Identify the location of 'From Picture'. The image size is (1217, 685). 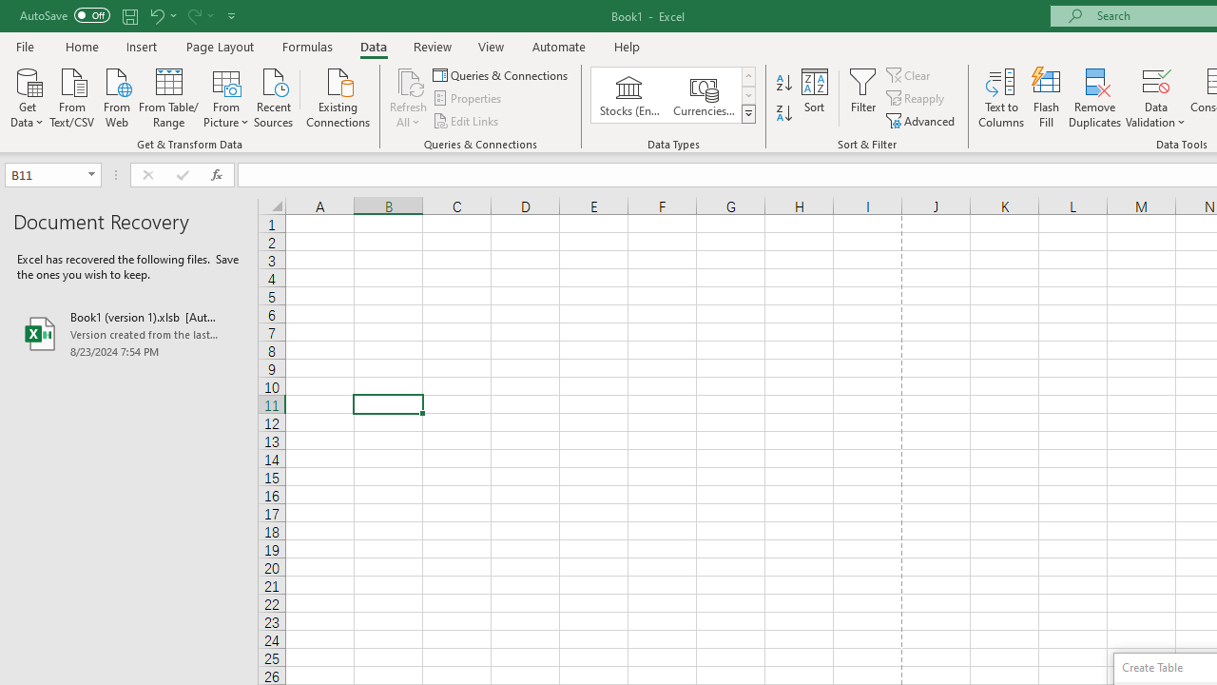
(226, 96).